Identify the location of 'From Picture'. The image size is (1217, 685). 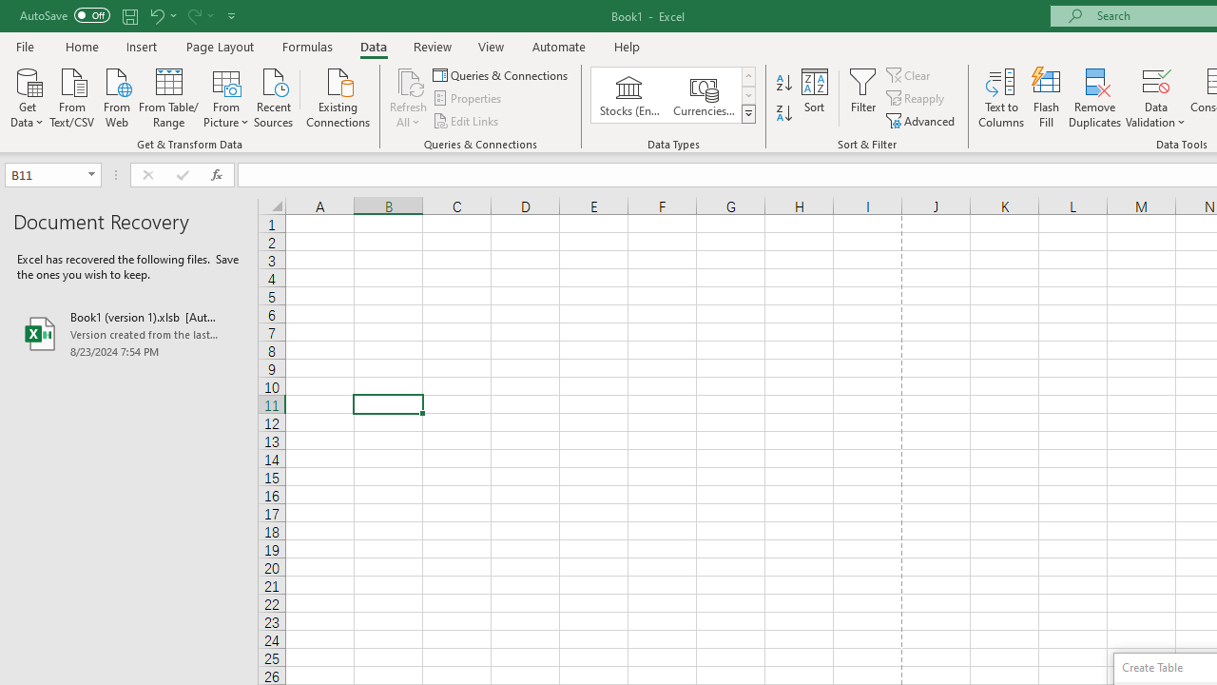
(226, 96).